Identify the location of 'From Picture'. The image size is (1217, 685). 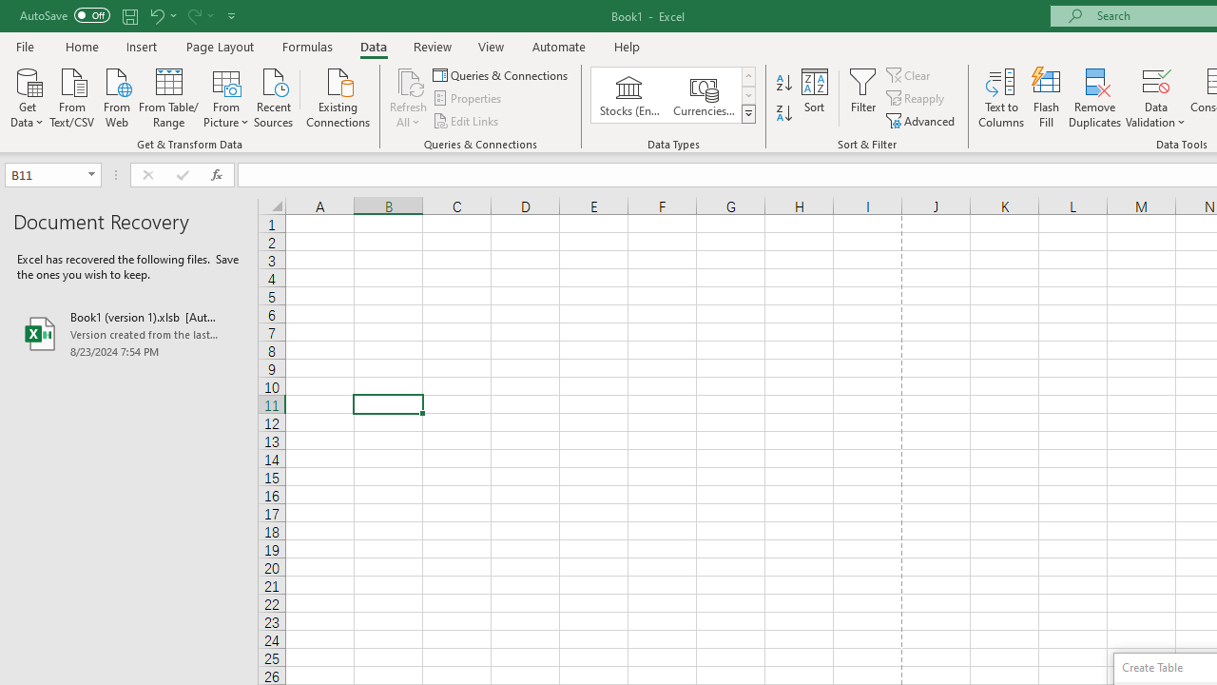
(226, 96).